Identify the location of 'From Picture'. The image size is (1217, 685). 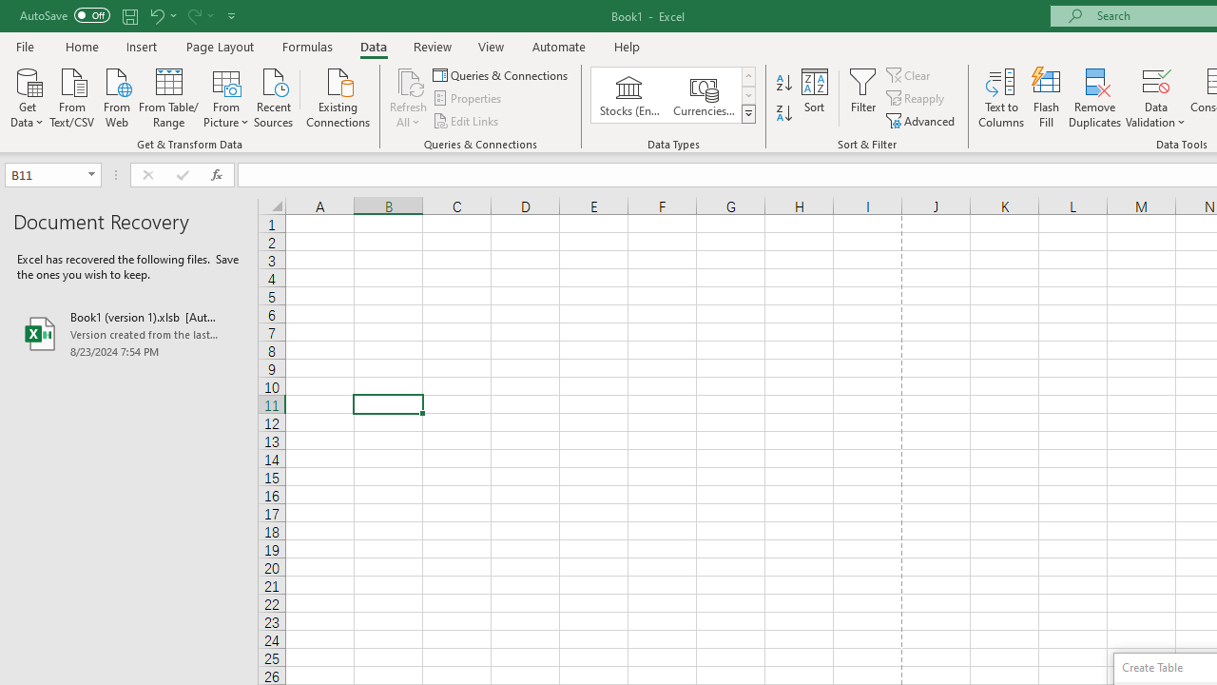
(226, 96).